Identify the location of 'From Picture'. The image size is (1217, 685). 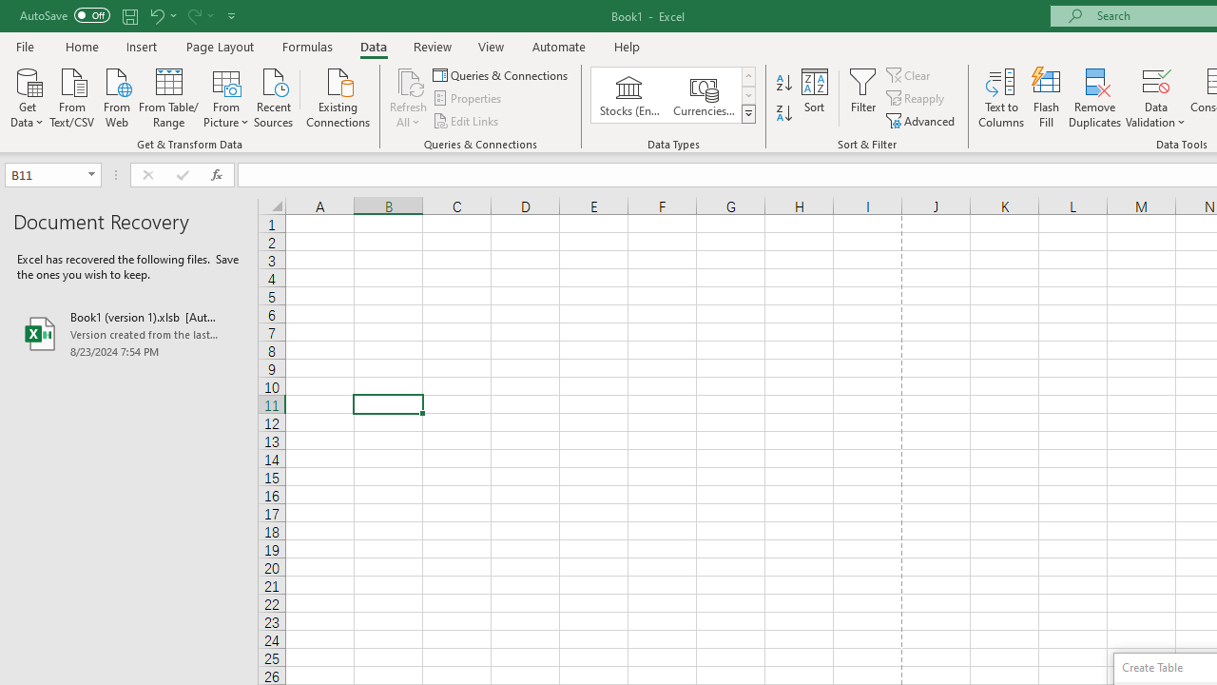
(226, 96).